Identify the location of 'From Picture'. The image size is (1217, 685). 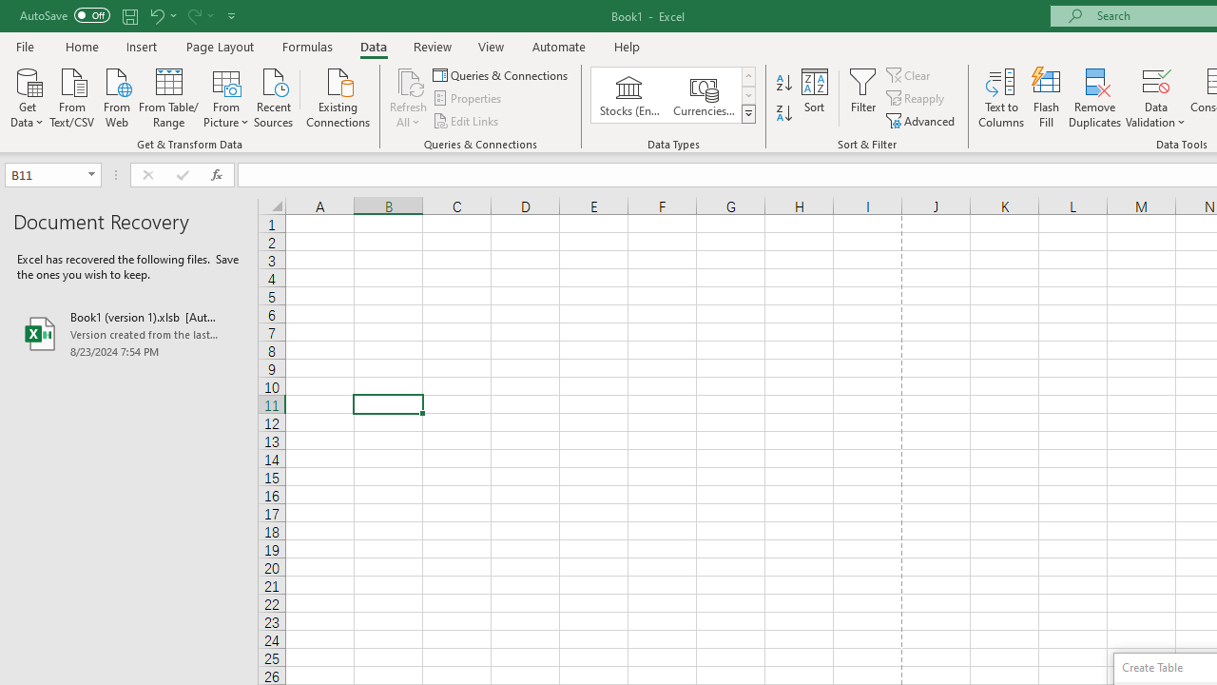
(226, 96).